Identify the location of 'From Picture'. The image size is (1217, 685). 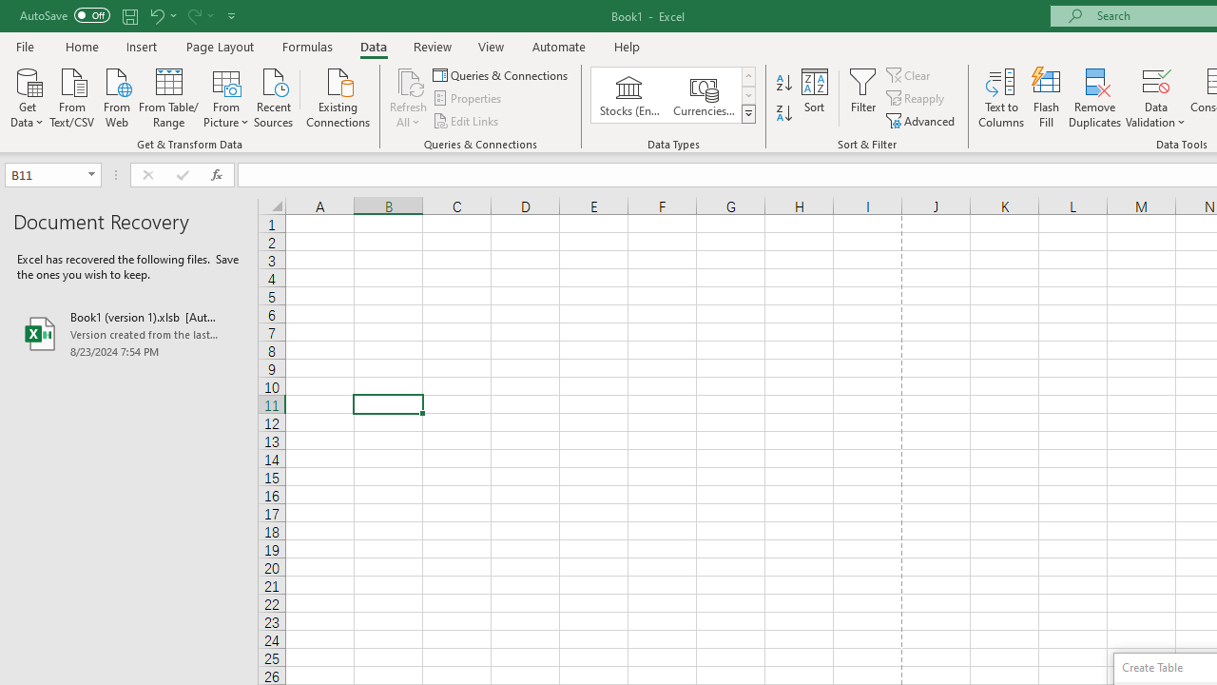
(226, 96).